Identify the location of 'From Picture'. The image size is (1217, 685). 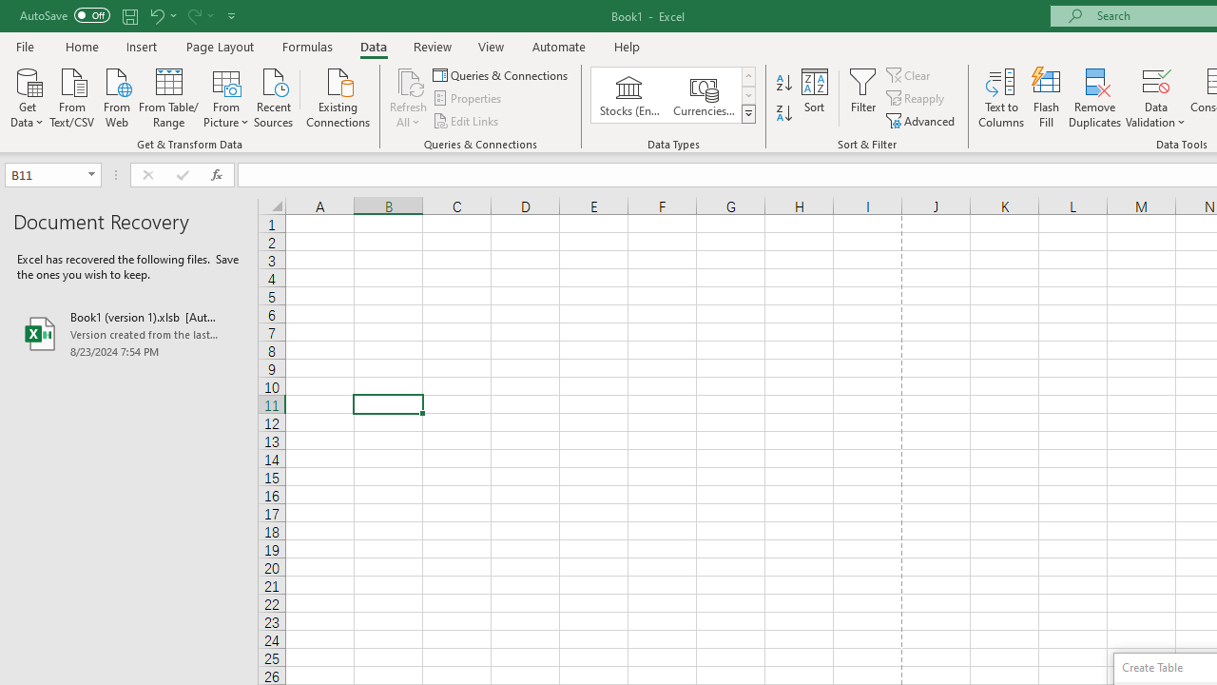
(226, 96).